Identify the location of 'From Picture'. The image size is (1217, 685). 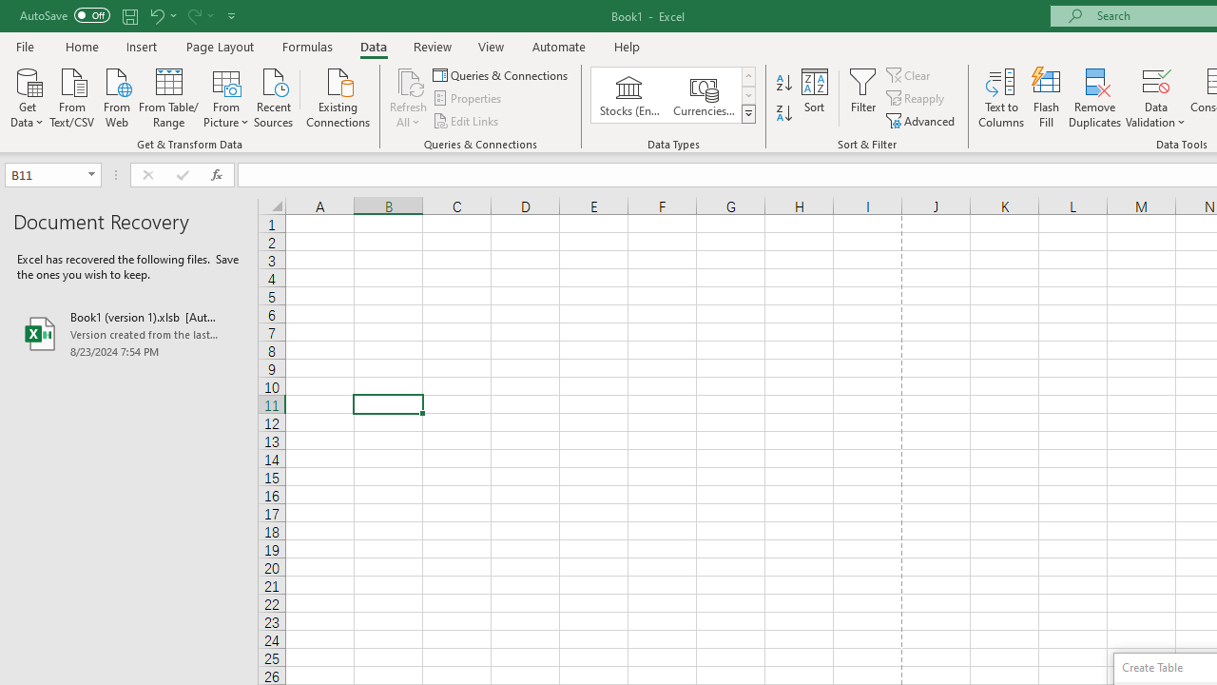
(226, 96).